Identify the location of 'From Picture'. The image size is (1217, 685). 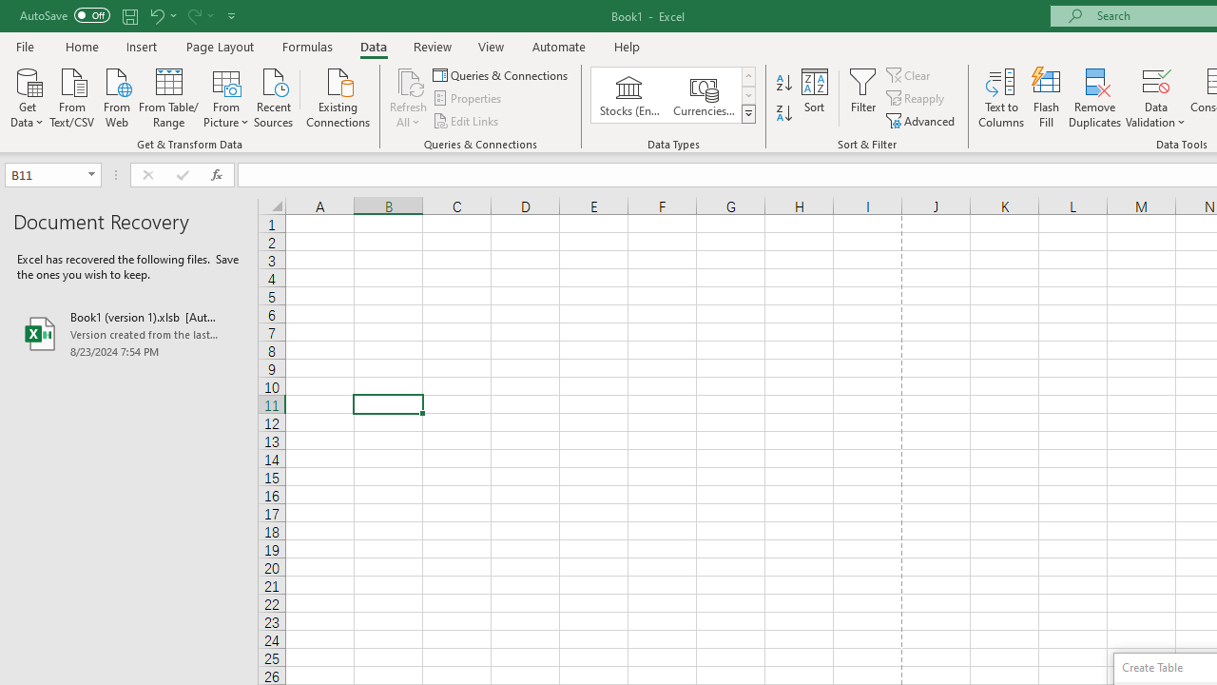
(226, 96).